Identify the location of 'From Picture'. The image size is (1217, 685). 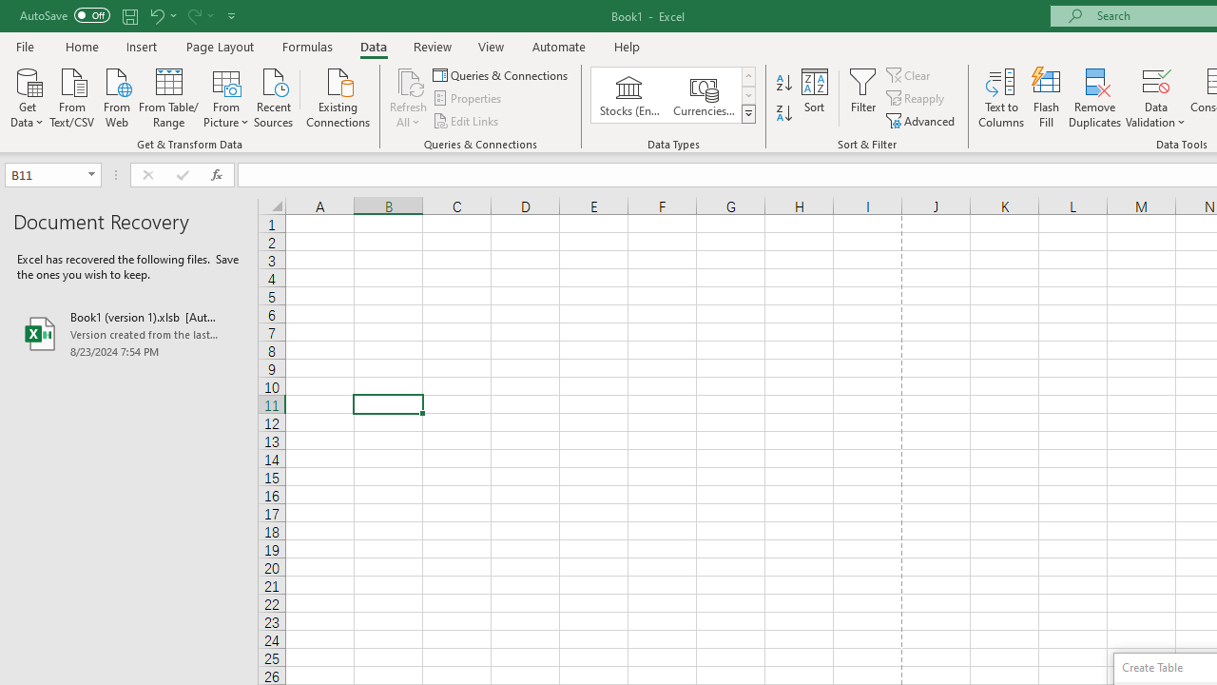
(226, 96).